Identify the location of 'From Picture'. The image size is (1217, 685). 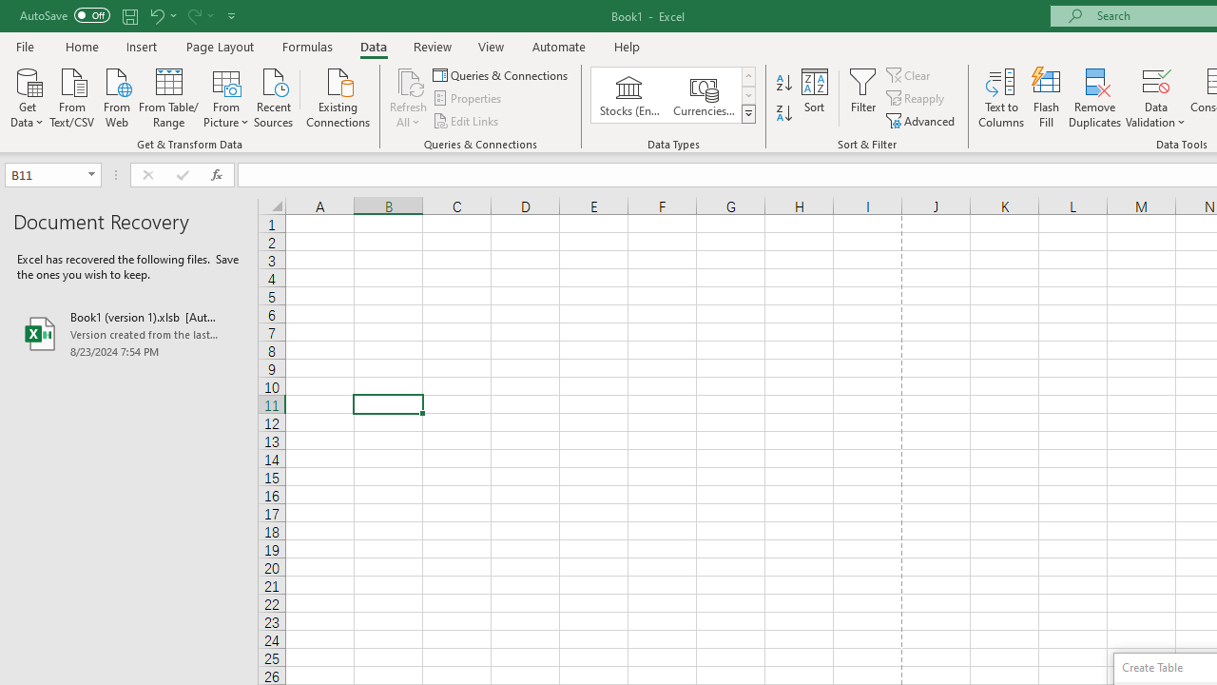
(226, 96).